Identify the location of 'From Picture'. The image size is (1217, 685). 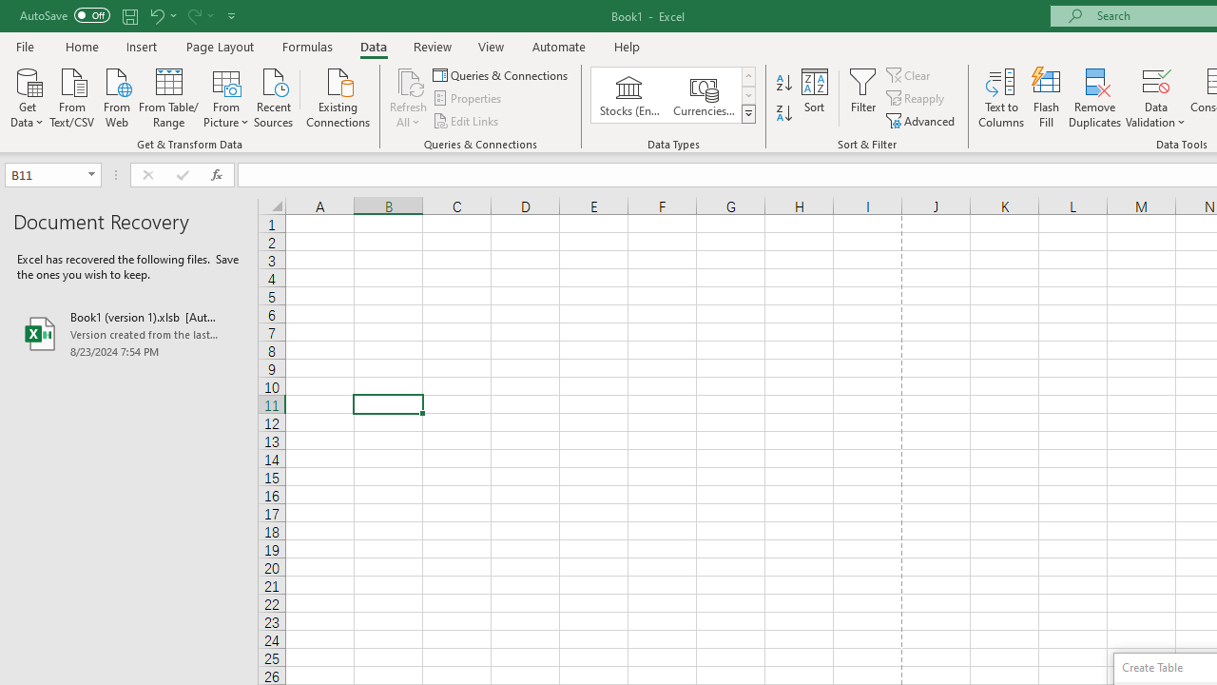
(226, 96).